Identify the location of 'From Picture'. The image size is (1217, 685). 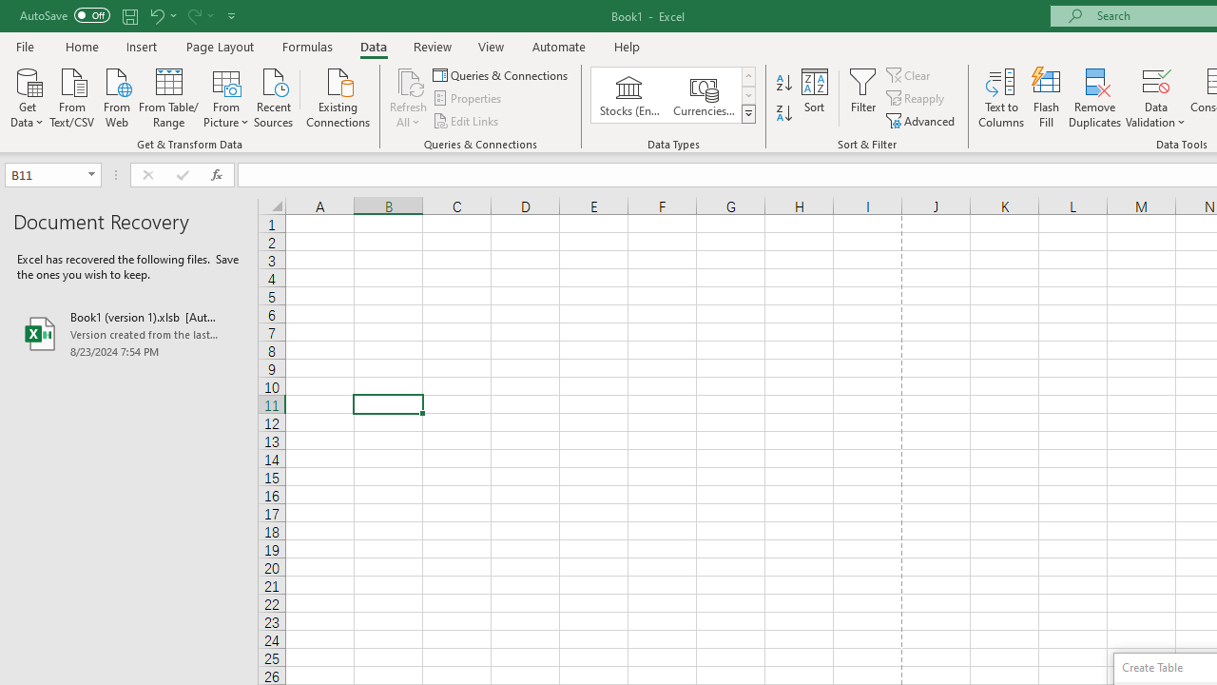
(226, 96).